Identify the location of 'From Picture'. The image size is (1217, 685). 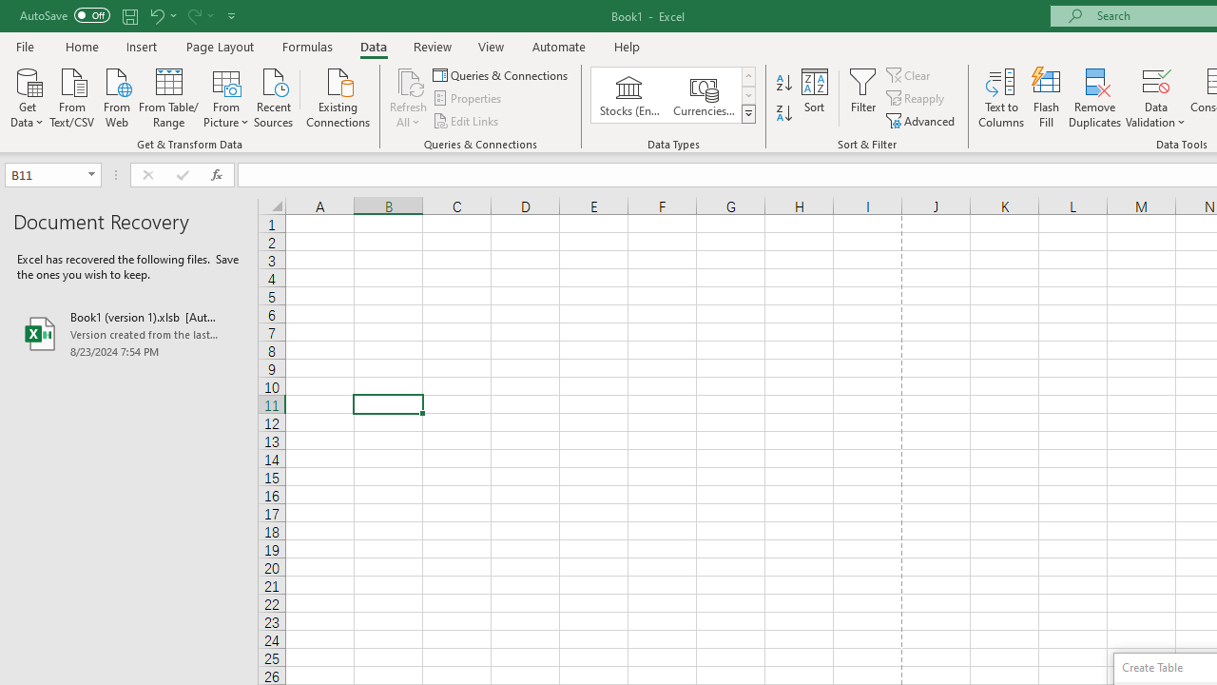
(226, 96).